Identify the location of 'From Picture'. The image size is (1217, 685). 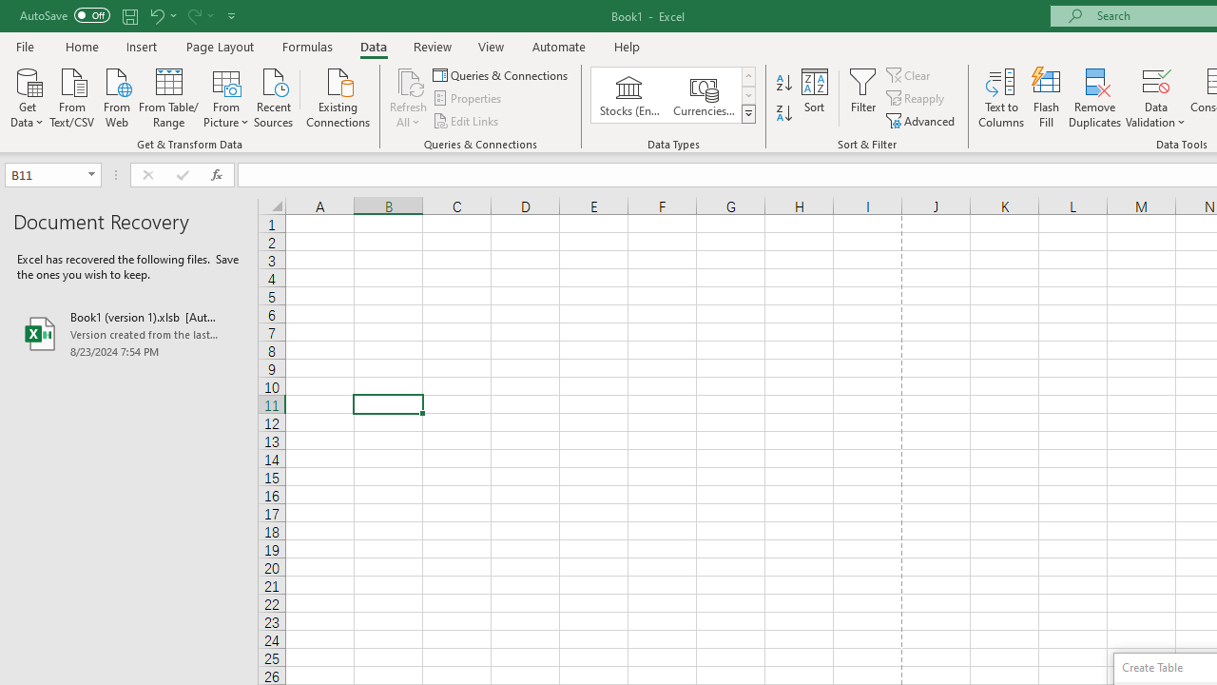
(226, 96).